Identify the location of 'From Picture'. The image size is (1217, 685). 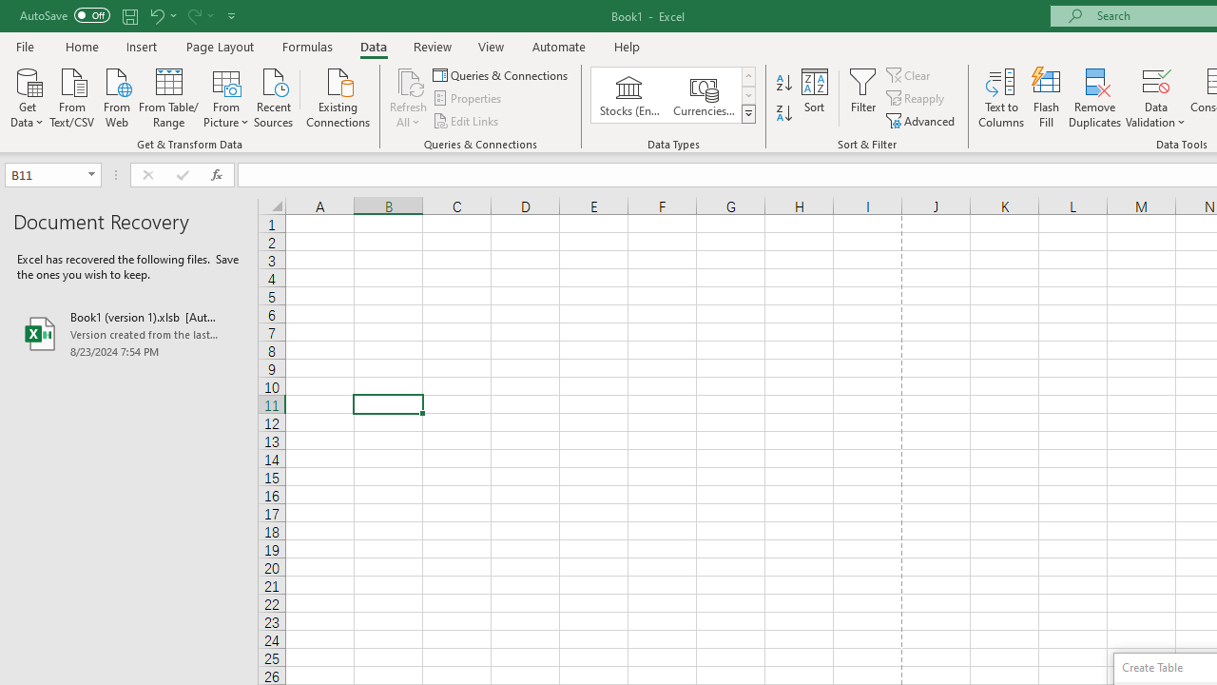
(226, 96).